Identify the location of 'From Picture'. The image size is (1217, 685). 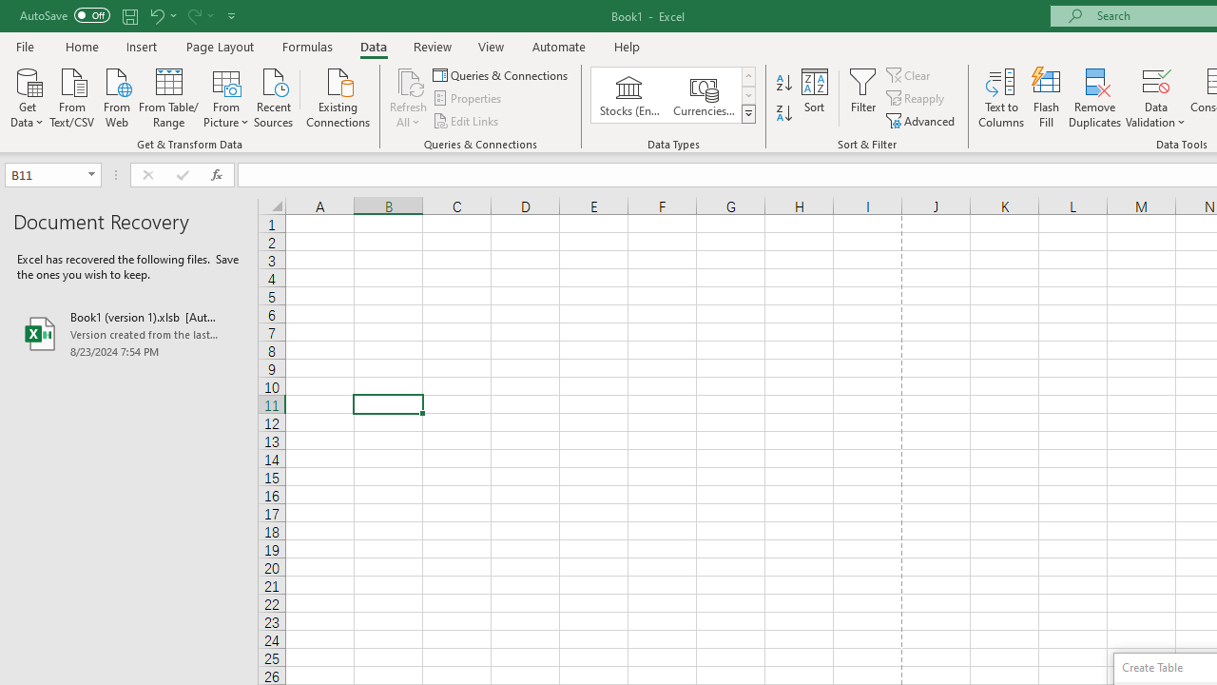
(226, 96).